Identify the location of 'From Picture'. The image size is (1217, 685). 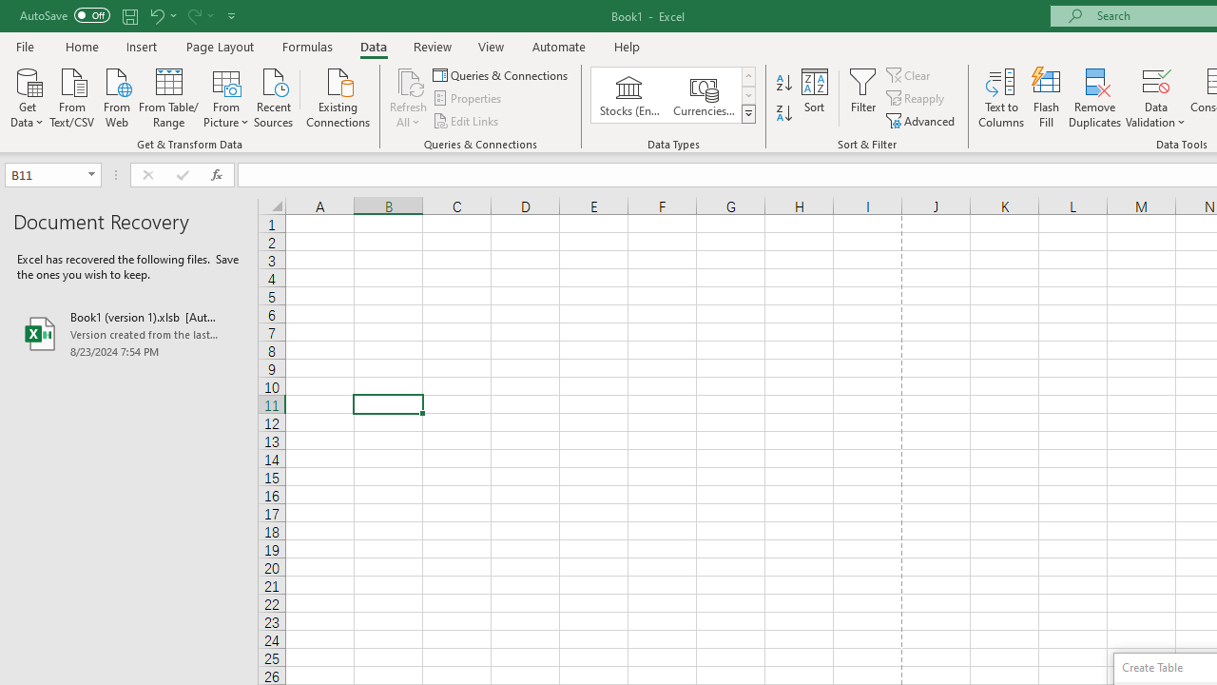
(226, 96).